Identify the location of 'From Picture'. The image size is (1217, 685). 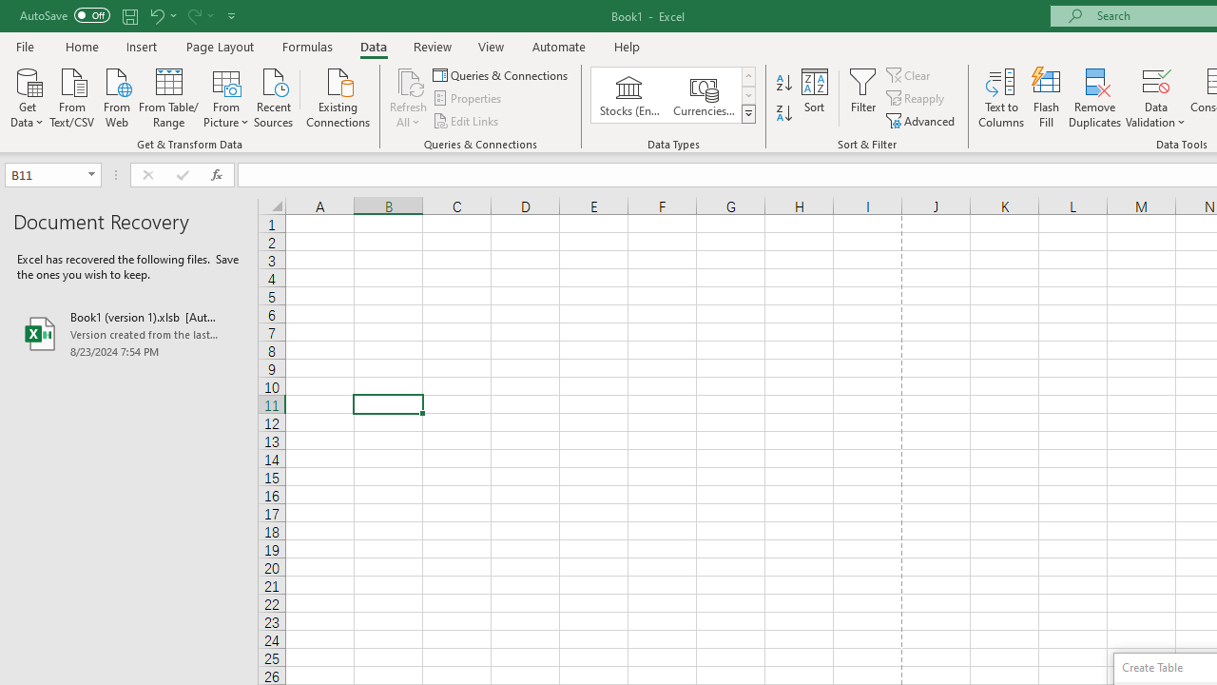
(226, 96).